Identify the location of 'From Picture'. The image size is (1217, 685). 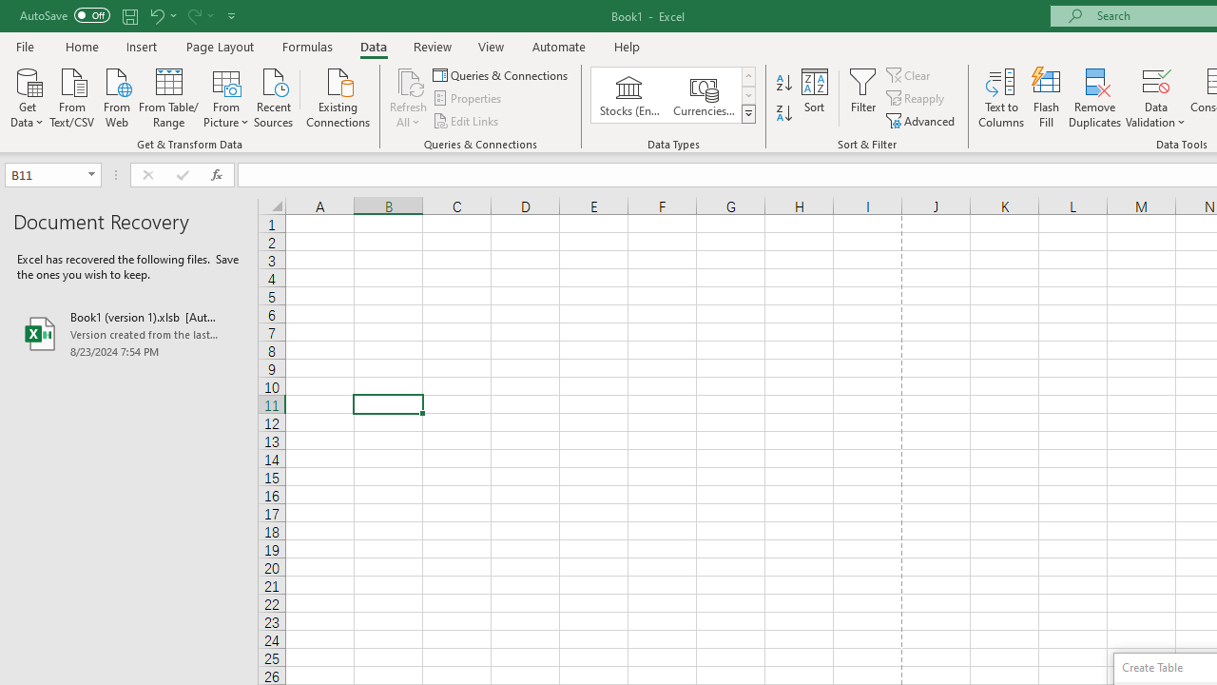
(226, 96).